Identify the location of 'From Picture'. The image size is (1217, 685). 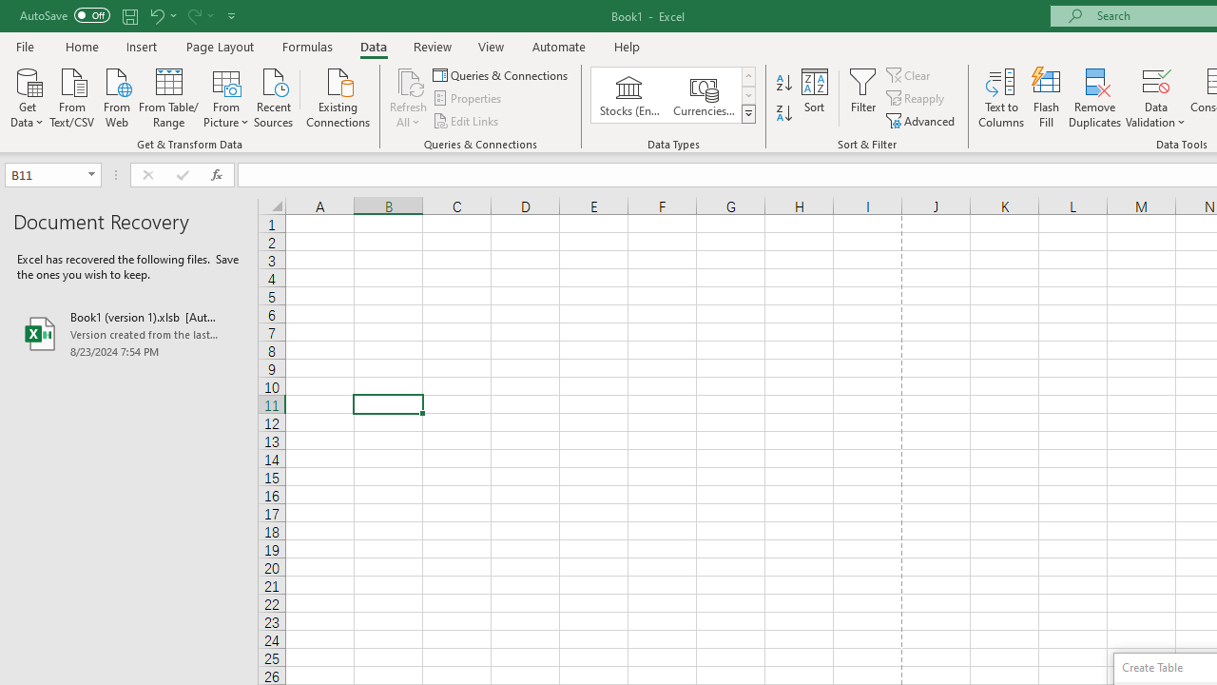
(226, 96).